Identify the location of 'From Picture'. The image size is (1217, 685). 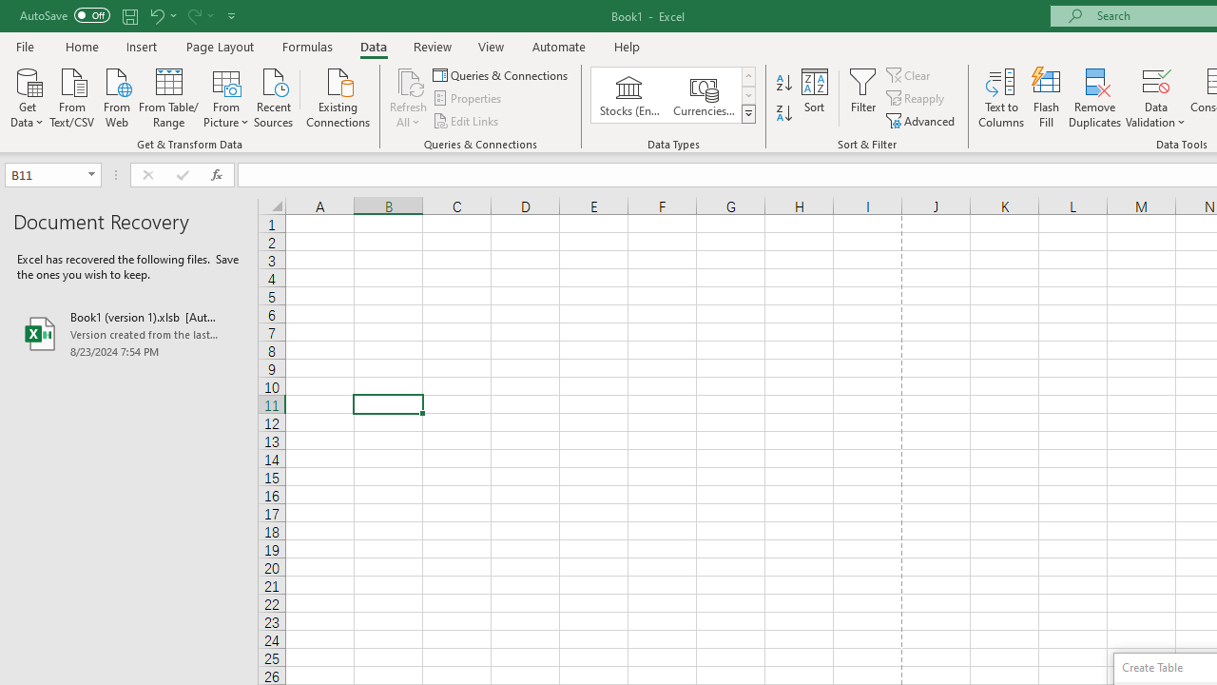
(226, 96).